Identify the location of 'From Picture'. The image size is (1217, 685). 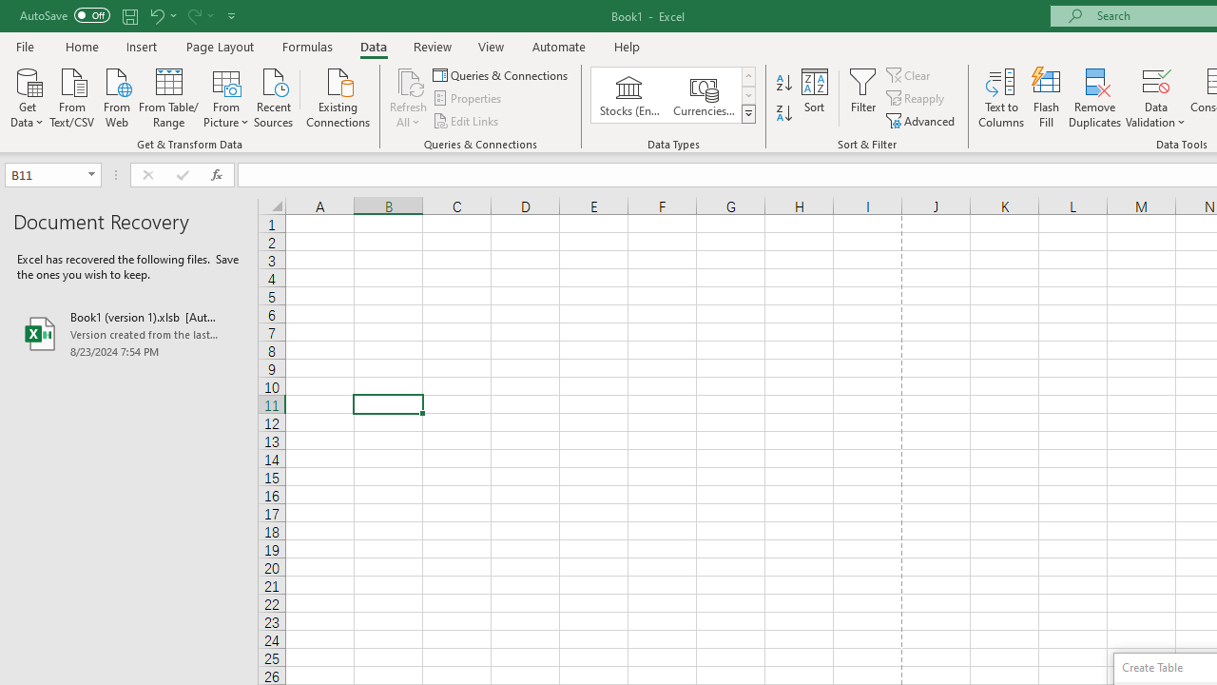
(226, 96).